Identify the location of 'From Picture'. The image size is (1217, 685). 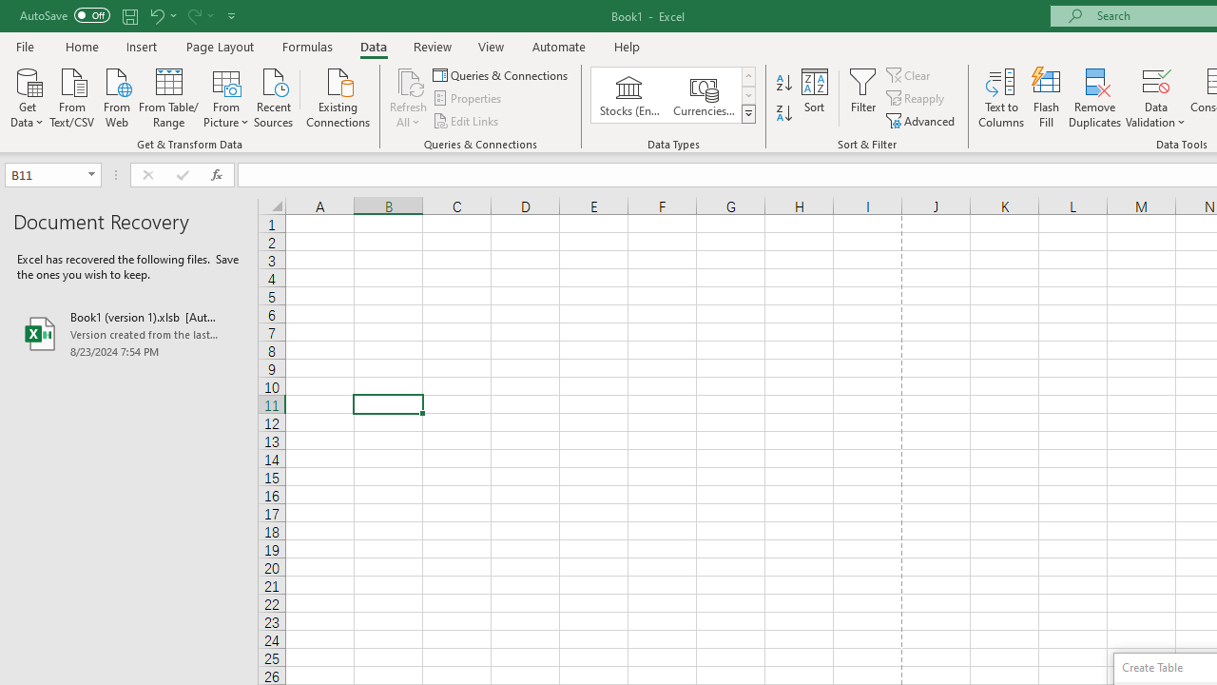
(226, 96).